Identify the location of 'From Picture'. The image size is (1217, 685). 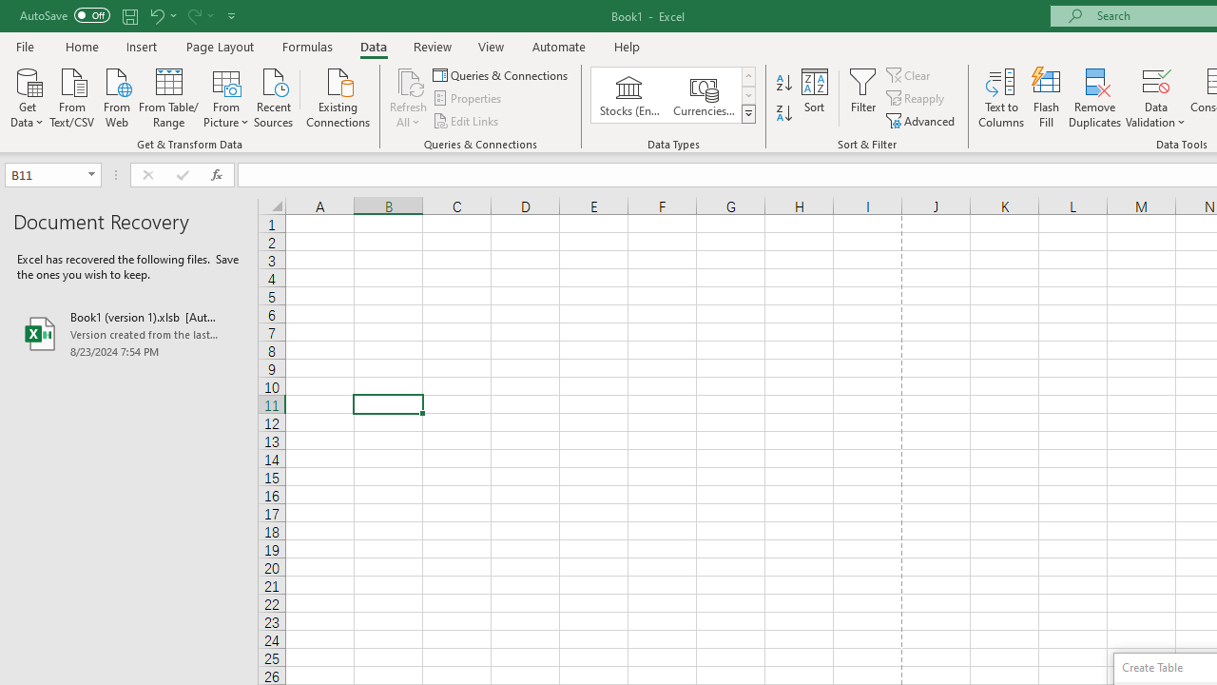
(226, 96).